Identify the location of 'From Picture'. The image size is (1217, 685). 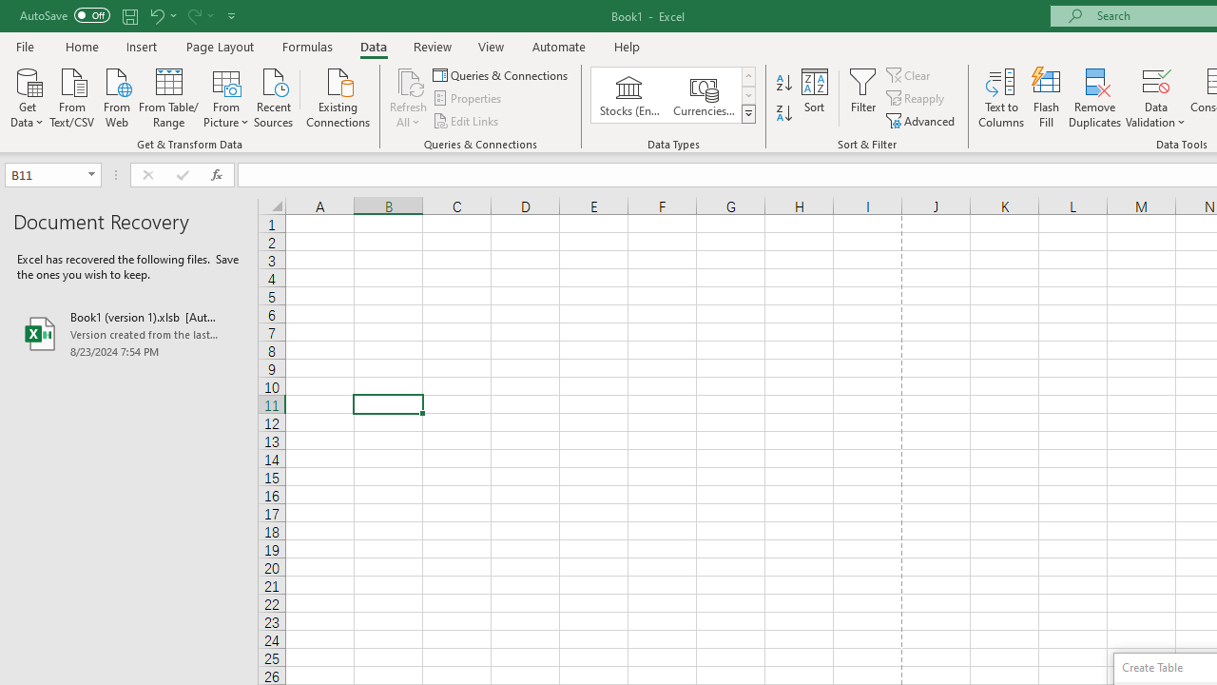
(226, 96).